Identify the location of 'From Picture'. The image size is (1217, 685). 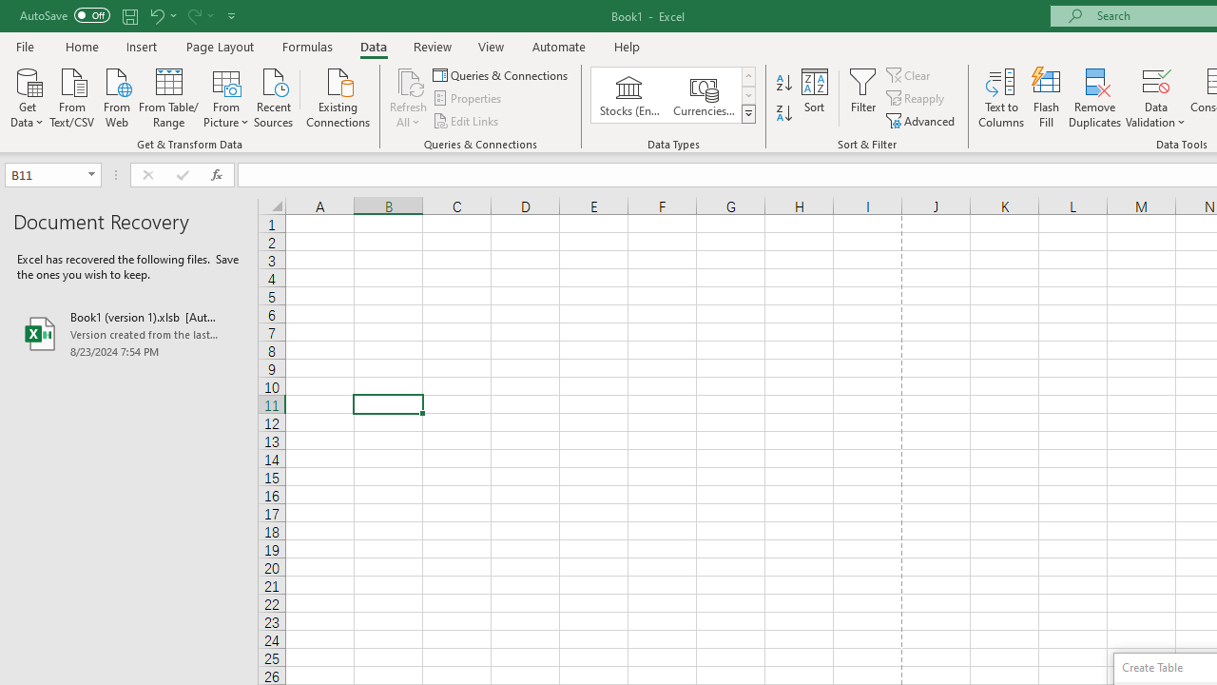
(226, 96).